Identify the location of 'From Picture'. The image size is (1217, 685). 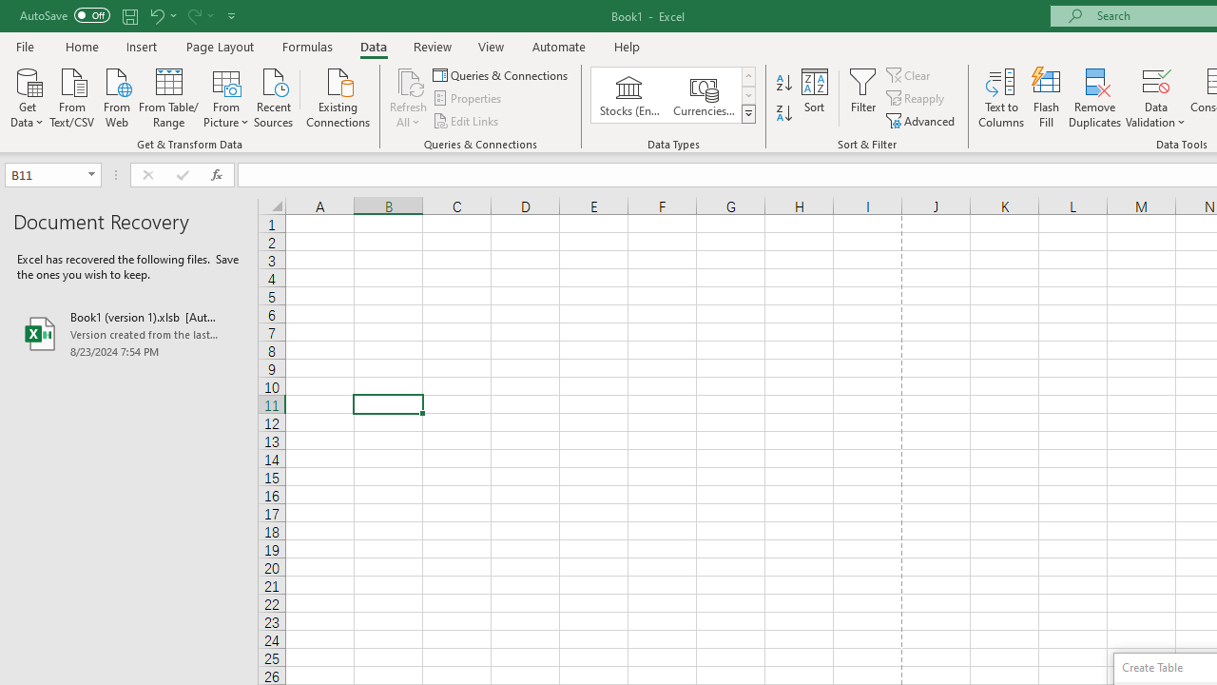
(226, 96).